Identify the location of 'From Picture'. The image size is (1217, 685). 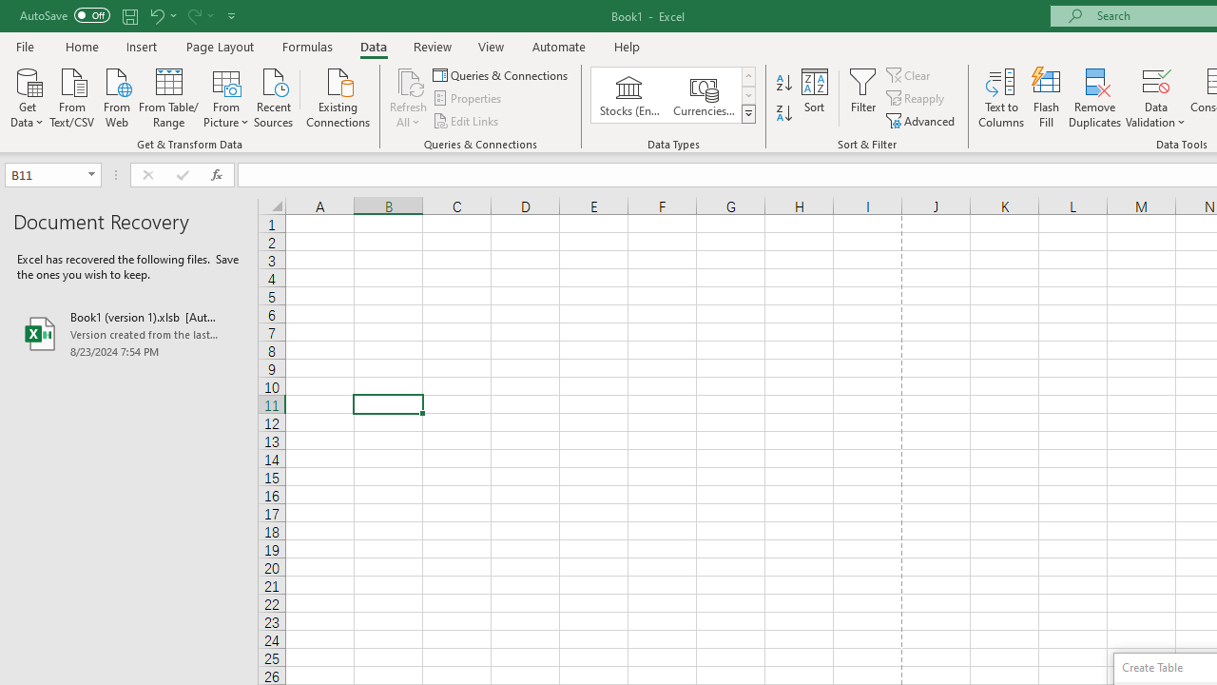
(226, 96).